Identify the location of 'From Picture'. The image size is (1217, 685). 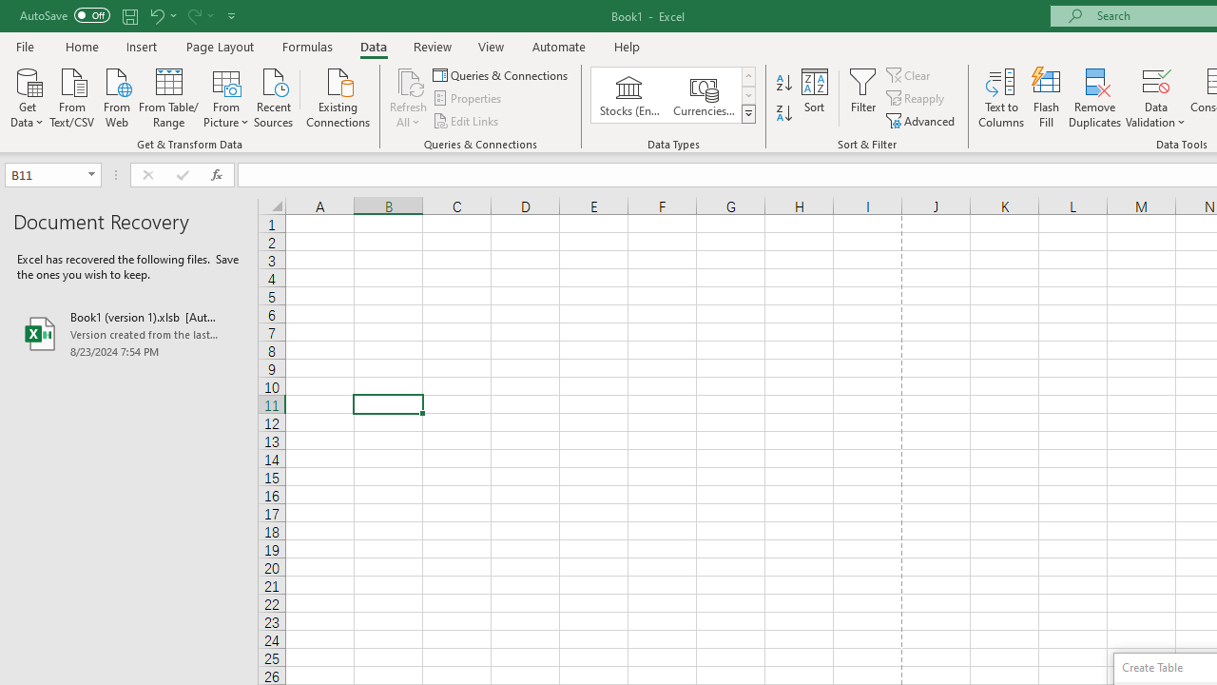
(226, 96).